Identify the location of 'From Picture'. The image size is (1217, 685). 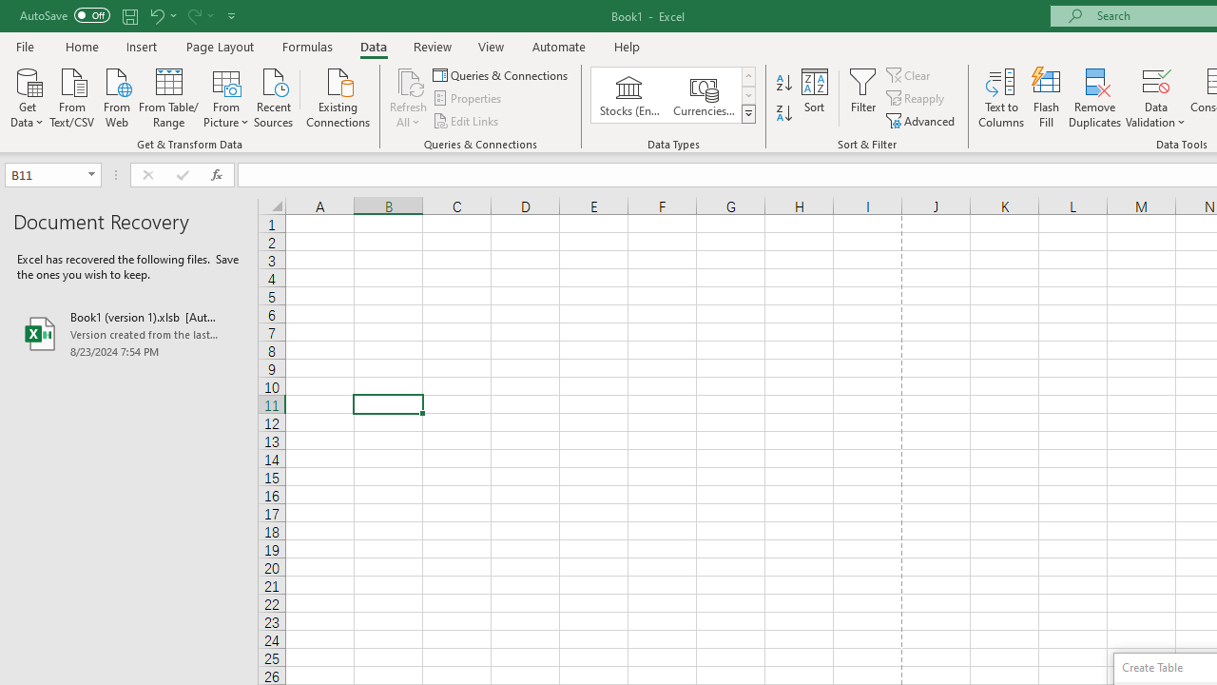
(226, 96).